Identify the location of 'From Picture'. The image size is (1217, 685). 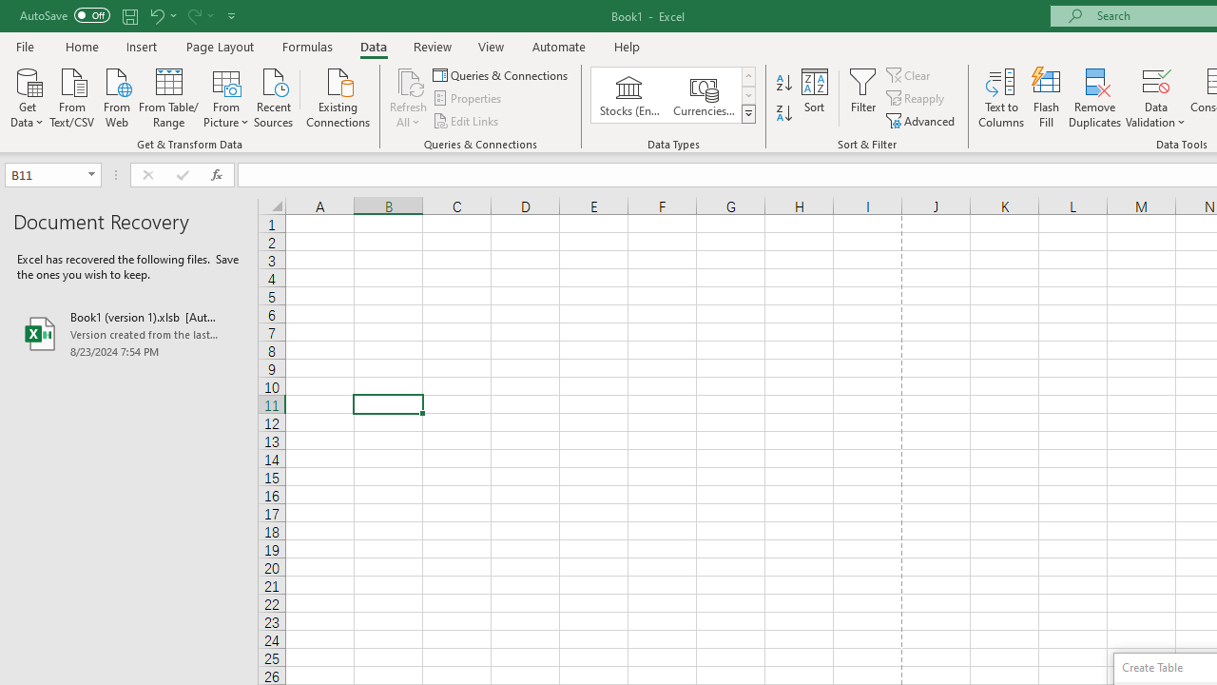
(226, 96).